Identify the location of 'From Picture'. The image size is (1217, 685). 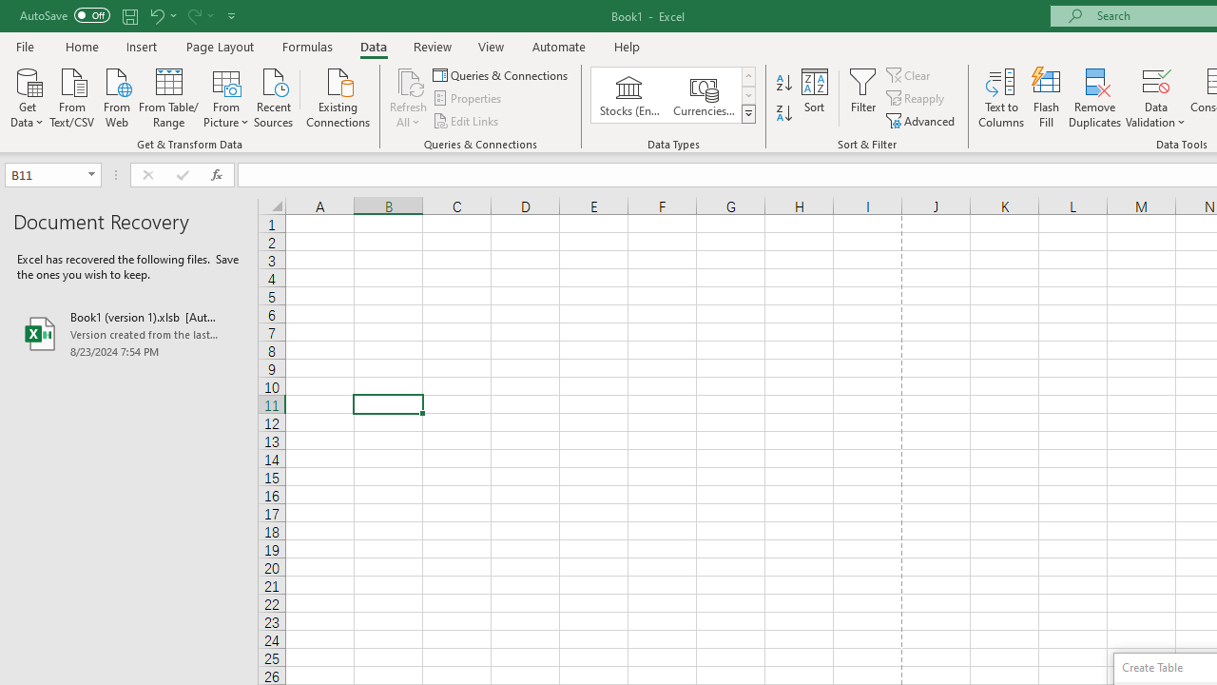
(226, 96).